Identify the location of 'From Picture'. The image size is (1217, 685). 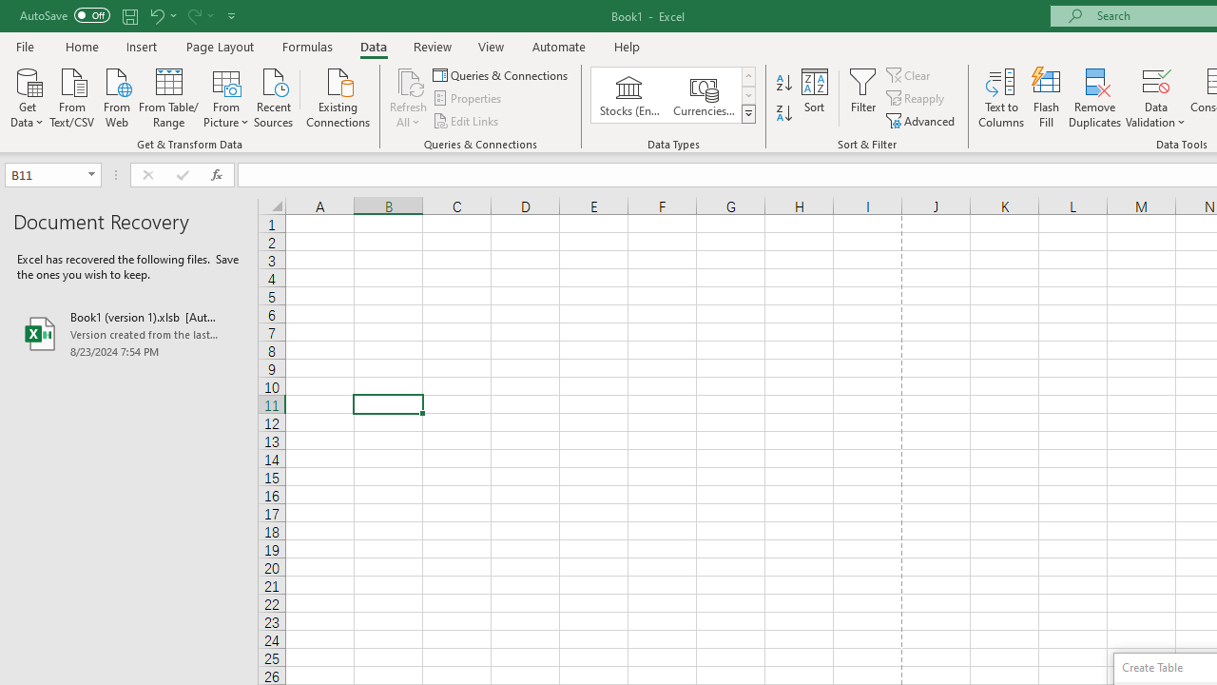
(226, 96).